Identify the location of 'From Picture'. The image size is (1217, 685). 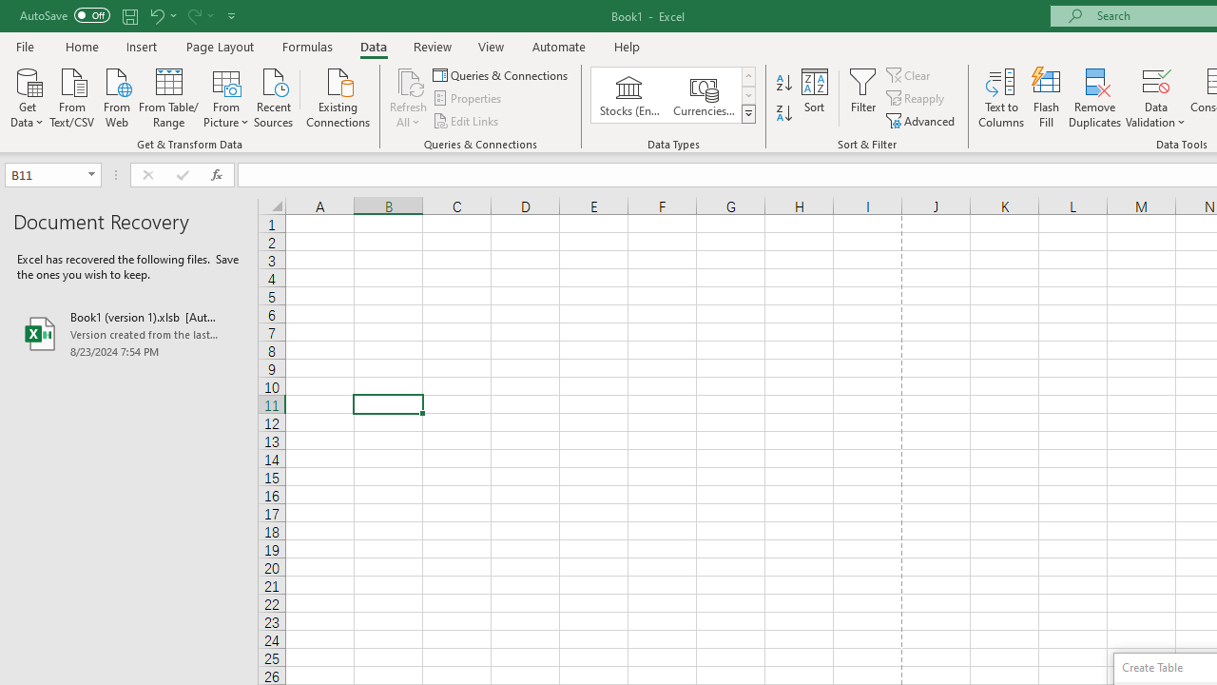
(226, 96).